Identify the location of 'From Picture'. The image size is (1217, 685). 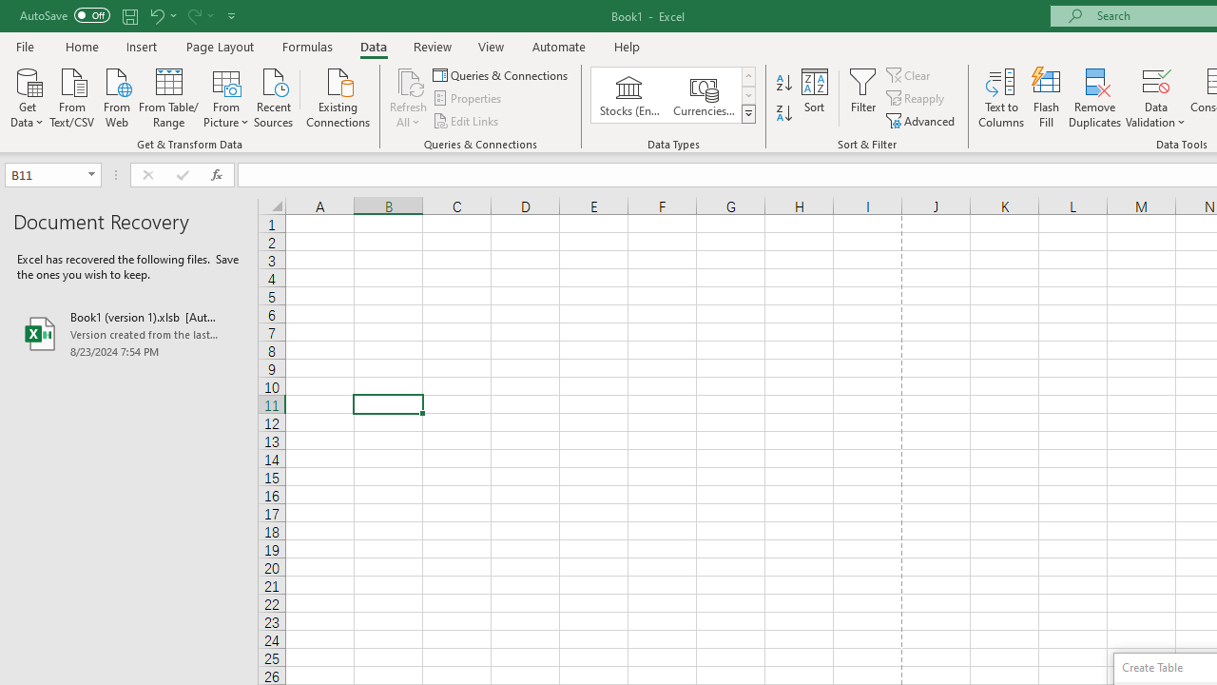
(226, 96).